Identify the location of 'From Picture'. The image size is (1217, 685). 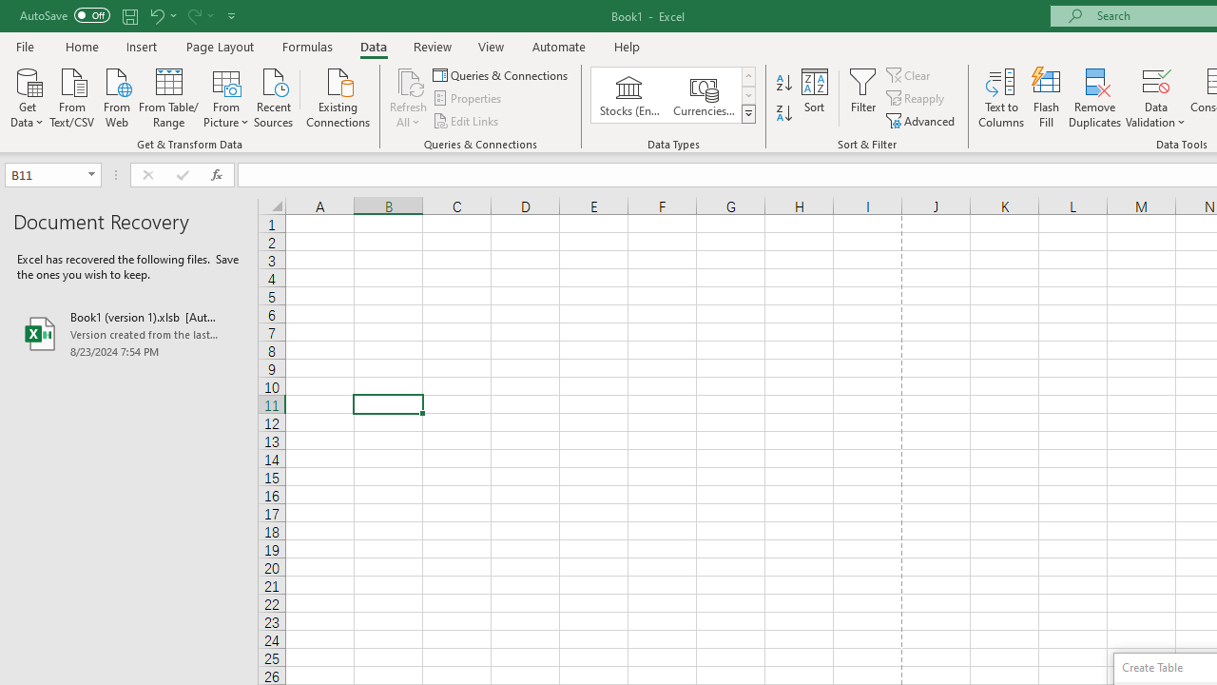
(226, 96).